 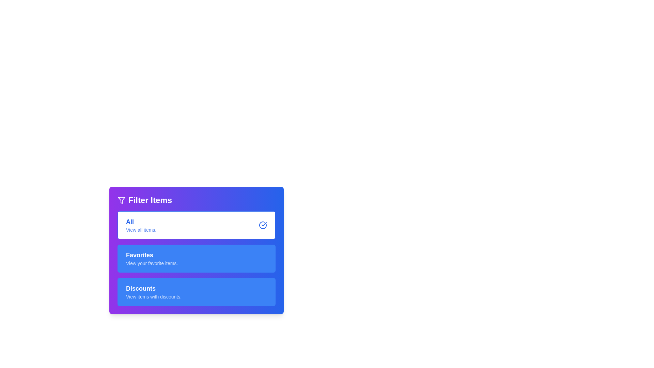 What do you see at coordinates (196, 259) in the screenshot?
I see `the second button in the vertically stacked list, which navigates to the user's favorite items, to trigger a visual effect` at bounding box center [196, 259].